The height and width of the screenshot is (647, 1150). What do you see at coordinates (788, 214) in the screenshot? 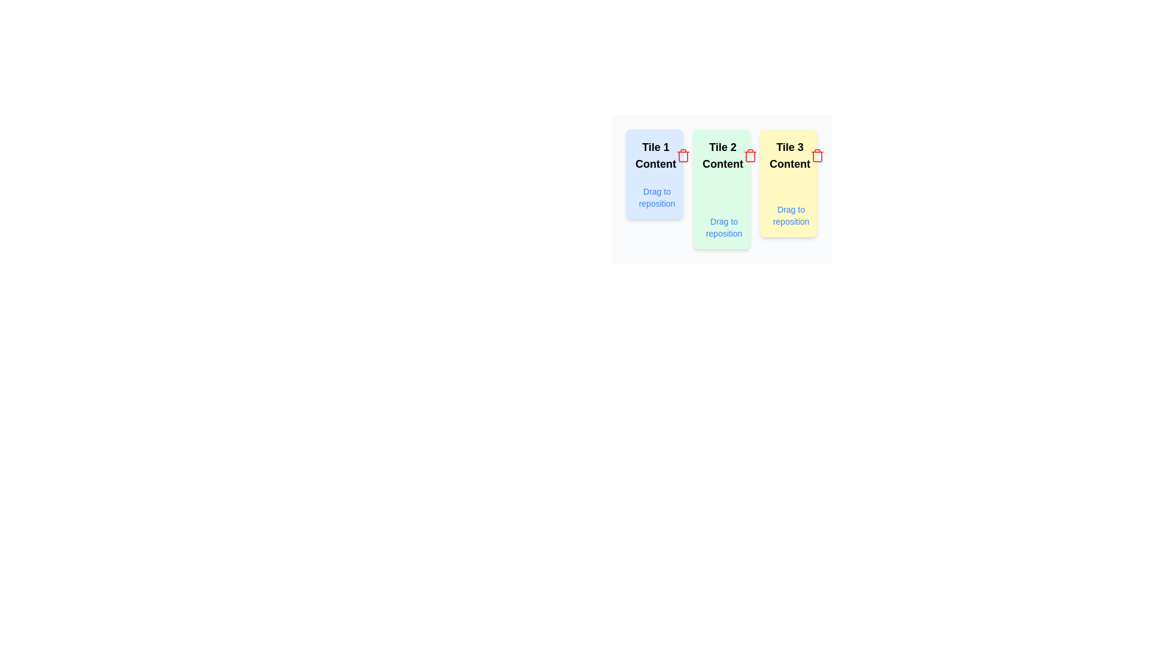
I see `the draggable interactive text with an icon located in the yellow rounded rectangle at the bottom of the 'Tile 3 Content' area` at bounding box center [788, 214].